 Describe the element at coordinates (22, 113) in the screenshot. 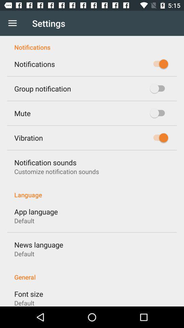

I see `the icon below the group notification item` at that location.